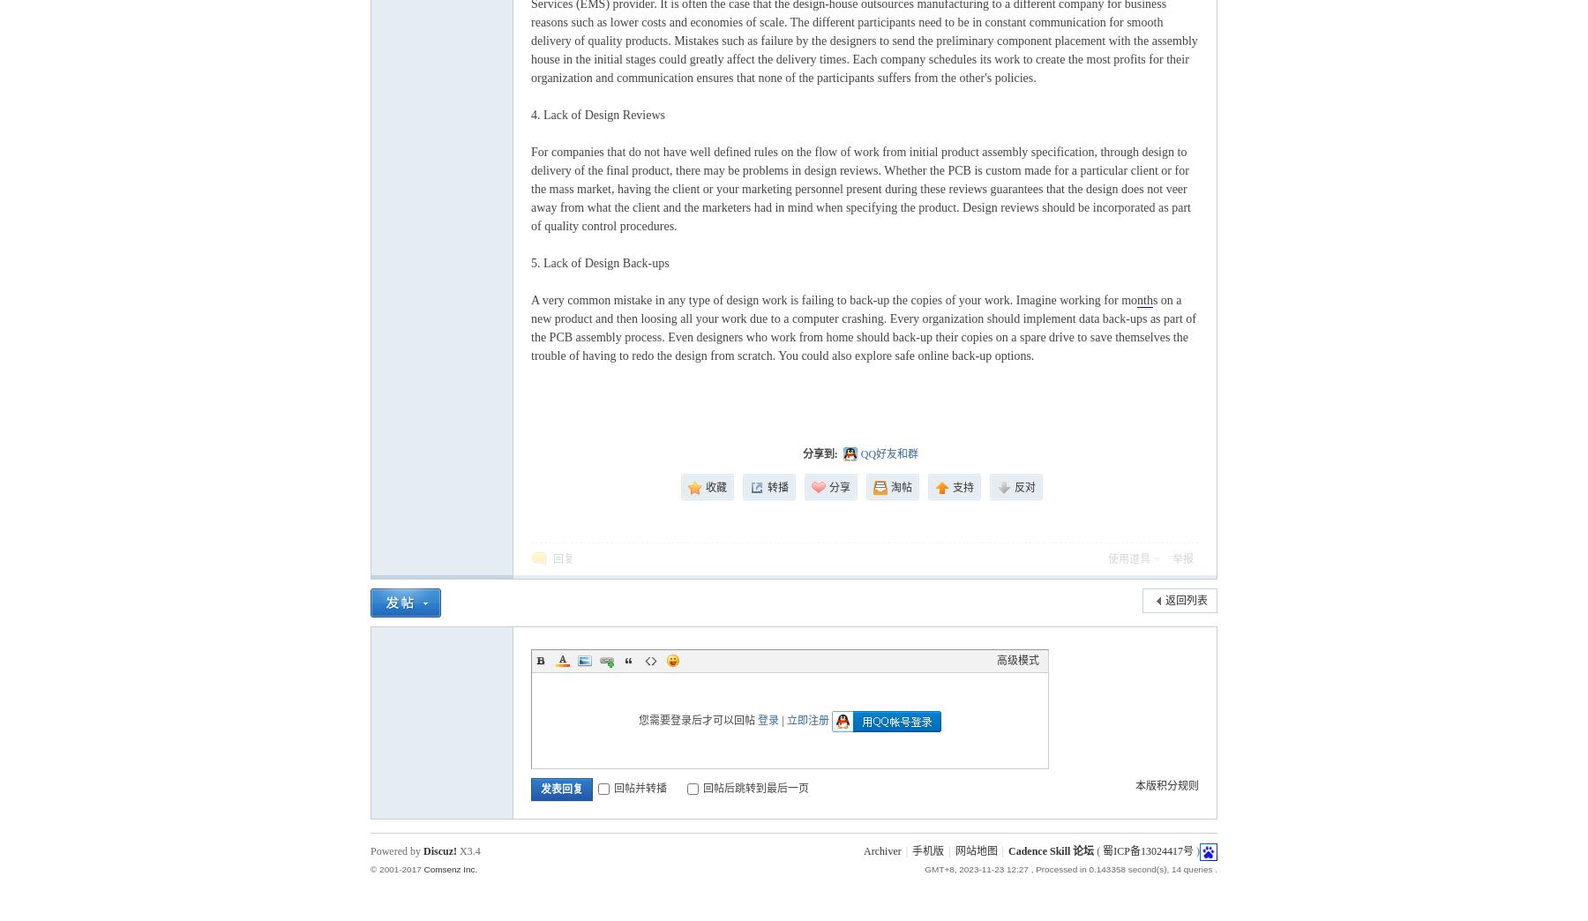 The height and width of the screenshot is (921, 1588). What do you see at coordinates (449, 868) in the screenshot?
I see `'Comsenz Inc.'` at bounding box center [449, 868].